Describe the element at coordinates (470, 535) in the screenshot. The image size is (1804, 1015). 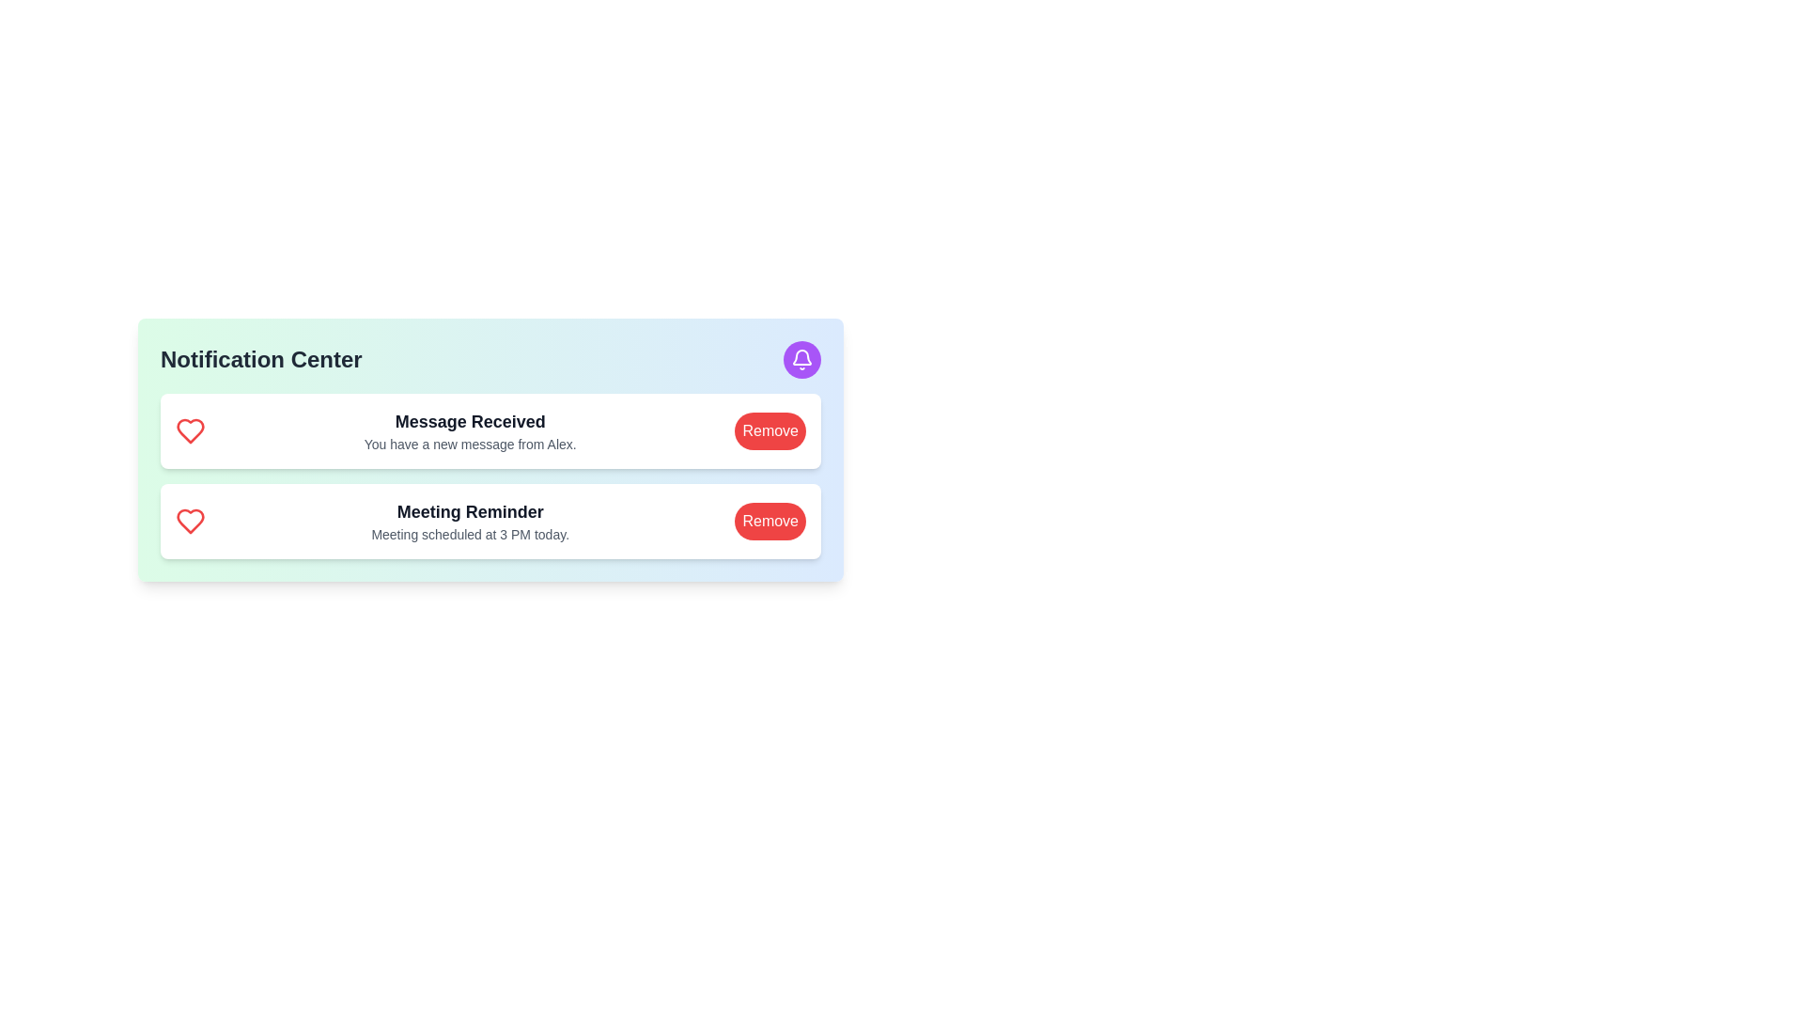
I see `the text label displaying 'Meeting scheduled at 3 PM today.' which is located below the bold text 'Meeting Reminder' in the notification` at that location.